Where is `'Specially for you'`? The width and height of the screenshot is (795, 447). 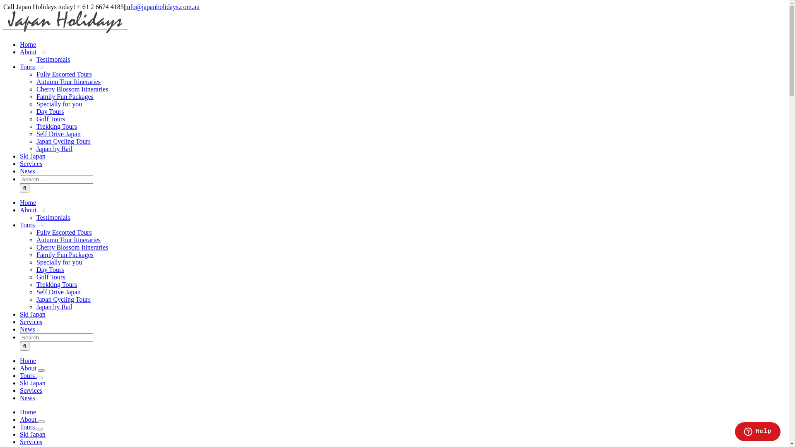
'Specially for you' is located at coordinates (59, 262).